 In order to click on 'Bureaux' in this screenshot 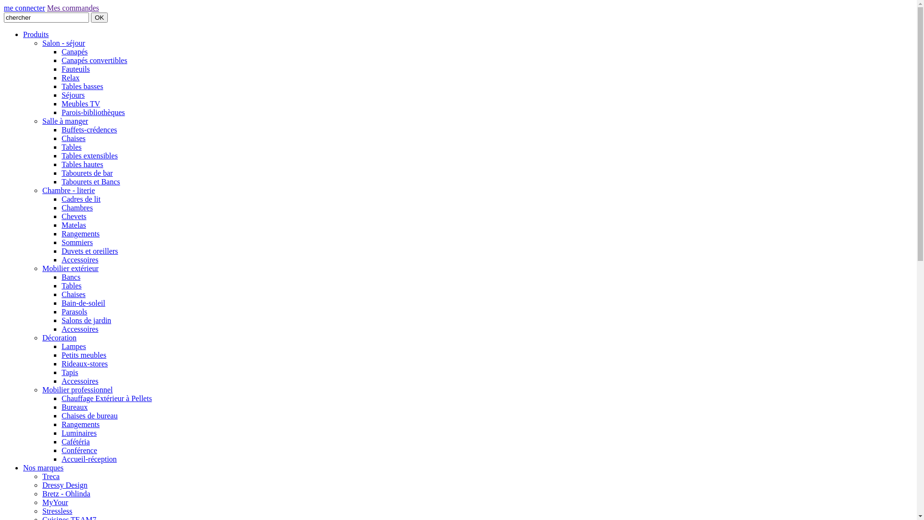, I will do `click(74, 407)`.